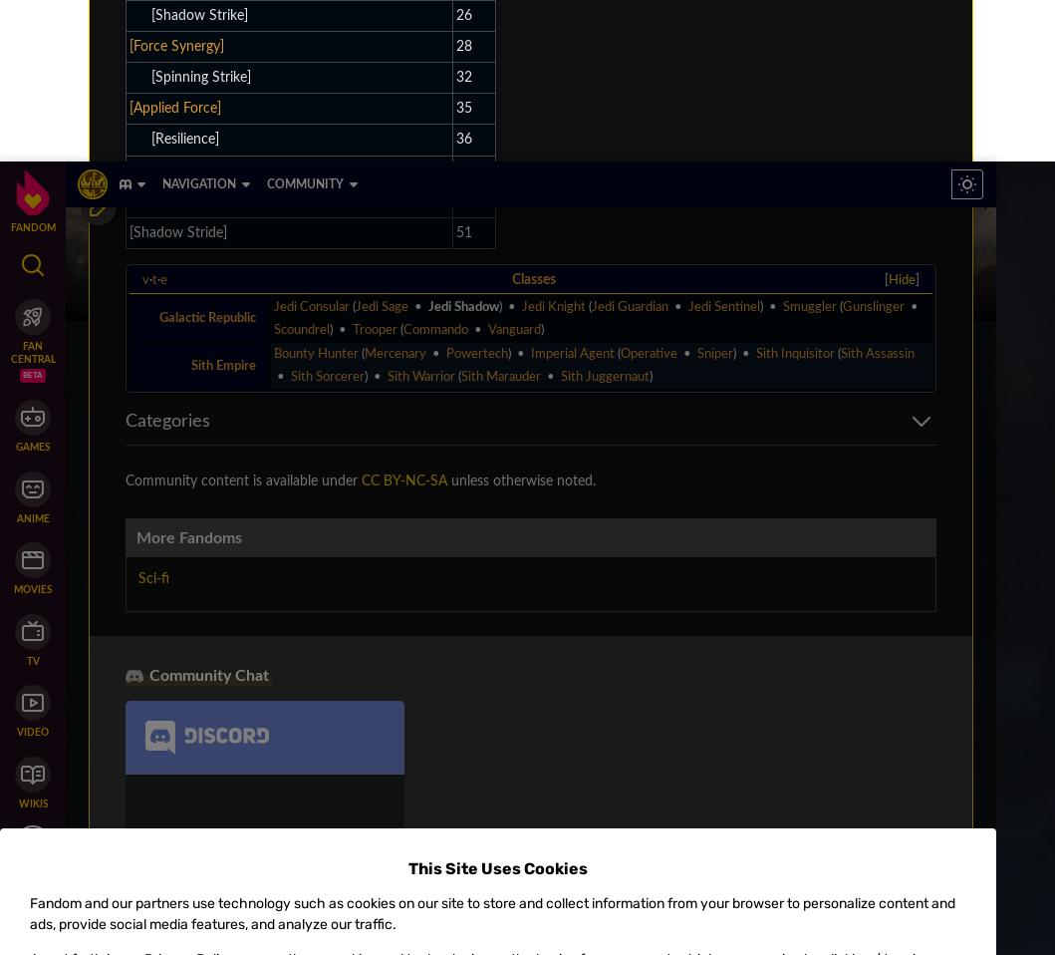 This screenshot has height=955, width=1055. Describe the element at coordinates (121, 210) in the screenshot. I see `'Community'` at that location.